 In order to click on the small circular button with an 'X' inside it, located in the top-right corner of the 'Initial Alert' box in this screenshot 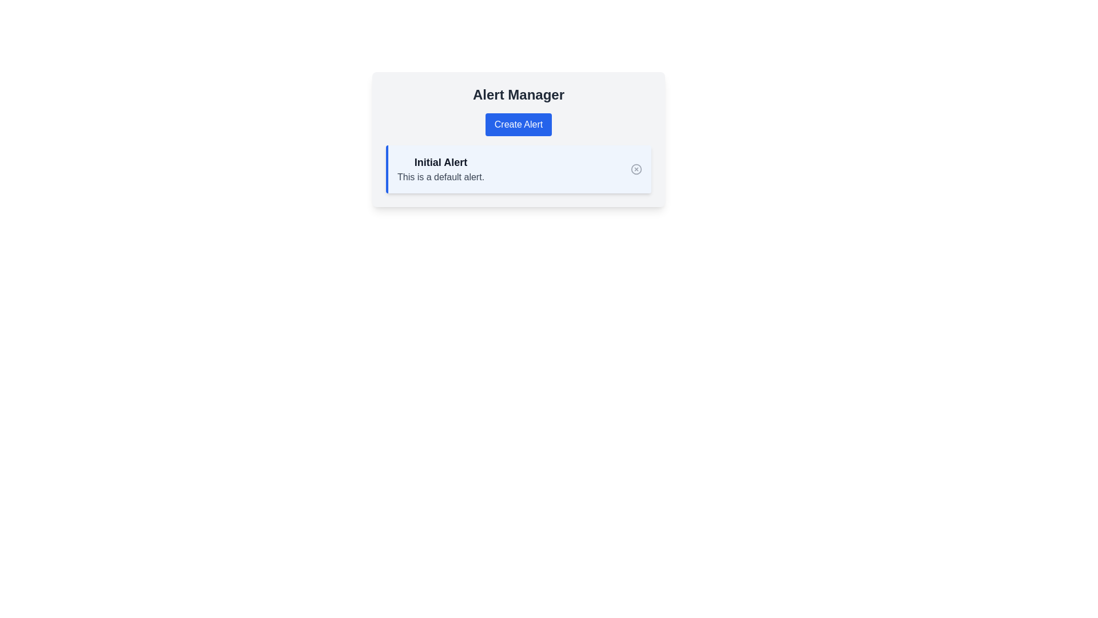, I will do `click(636, 169)`.